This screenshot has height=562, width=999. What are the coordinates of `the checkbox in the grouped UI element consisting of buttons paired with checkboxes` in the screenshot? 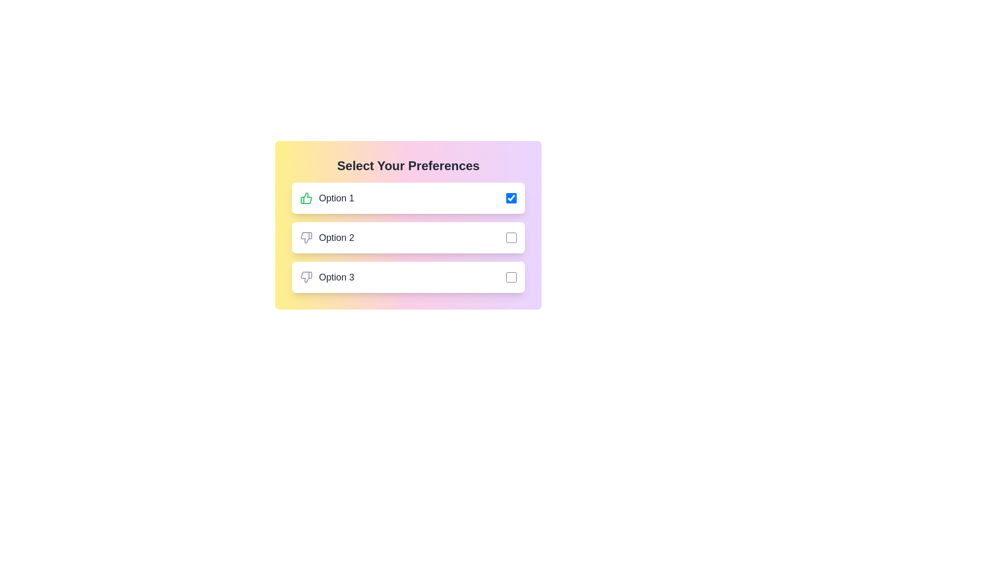 It's located at (408, 237).